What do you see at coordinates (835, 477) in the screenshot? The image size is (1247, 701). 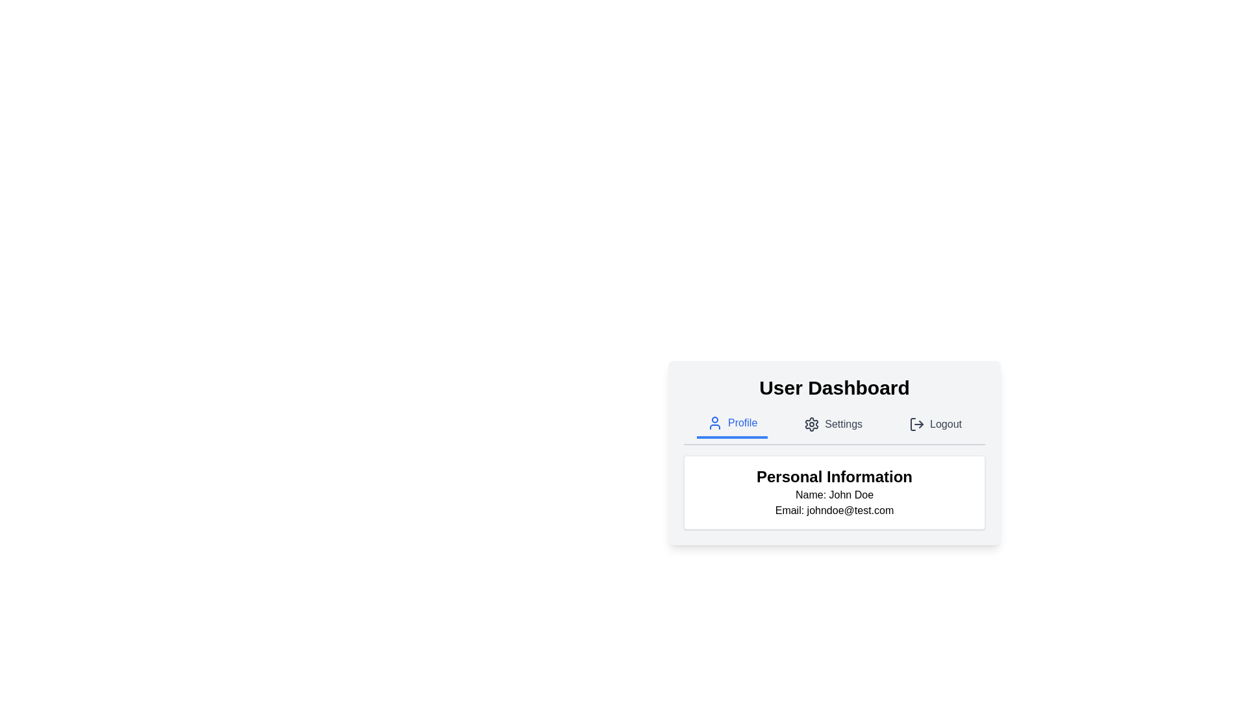 I see `the Text header (title) that denotes the start of a category or group of user-related details, located at the top-center of the content section above 'Name: John Doe' and 'Email: johndoe@test.com'` at bounding box center [835, 477].